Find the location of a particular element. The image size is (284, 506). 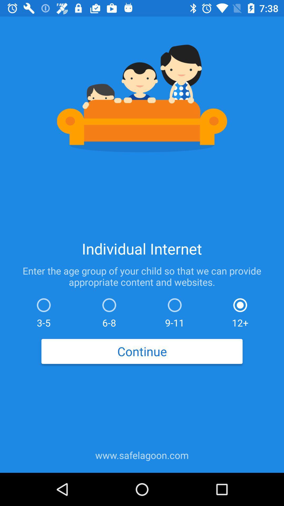

9-11 icon is located at coordinates (175, 312).